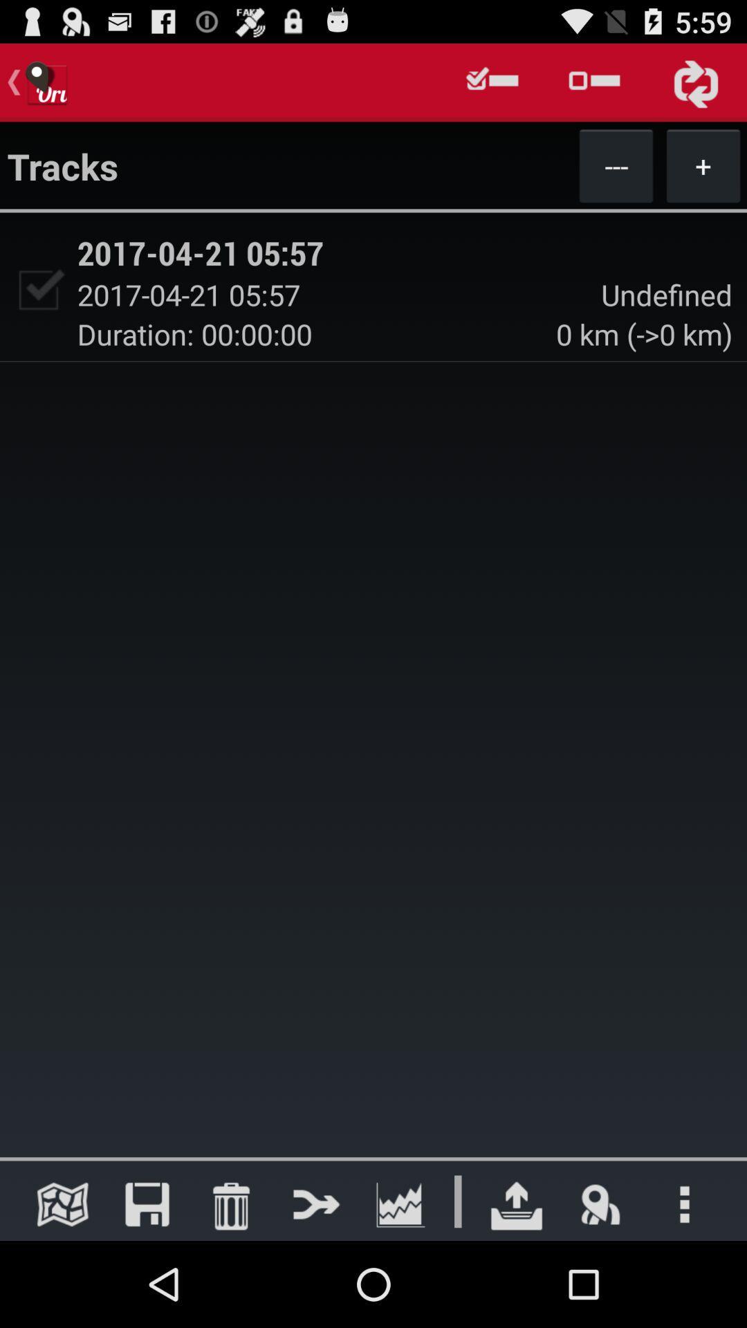 This screenshot has width=747, height=1328. What do you see at coordinates (62, 1288) in the screenshot?
I see `the book icon` at bounding box center [62, 1288].